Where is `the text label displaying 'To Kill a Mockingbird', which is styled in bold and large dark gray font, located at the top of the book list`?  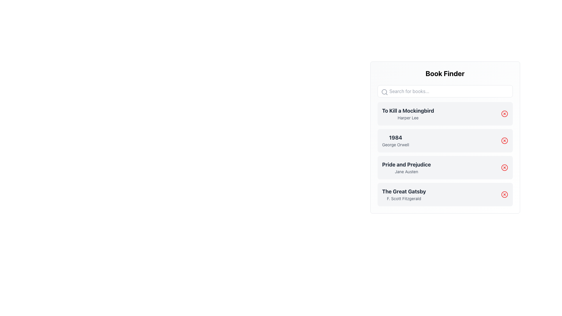
the text label displaying 'To Kill a Mockingbird', which is styled in bold and large dark gray font, located at the top of the book list is located at coordinates (408, 111).